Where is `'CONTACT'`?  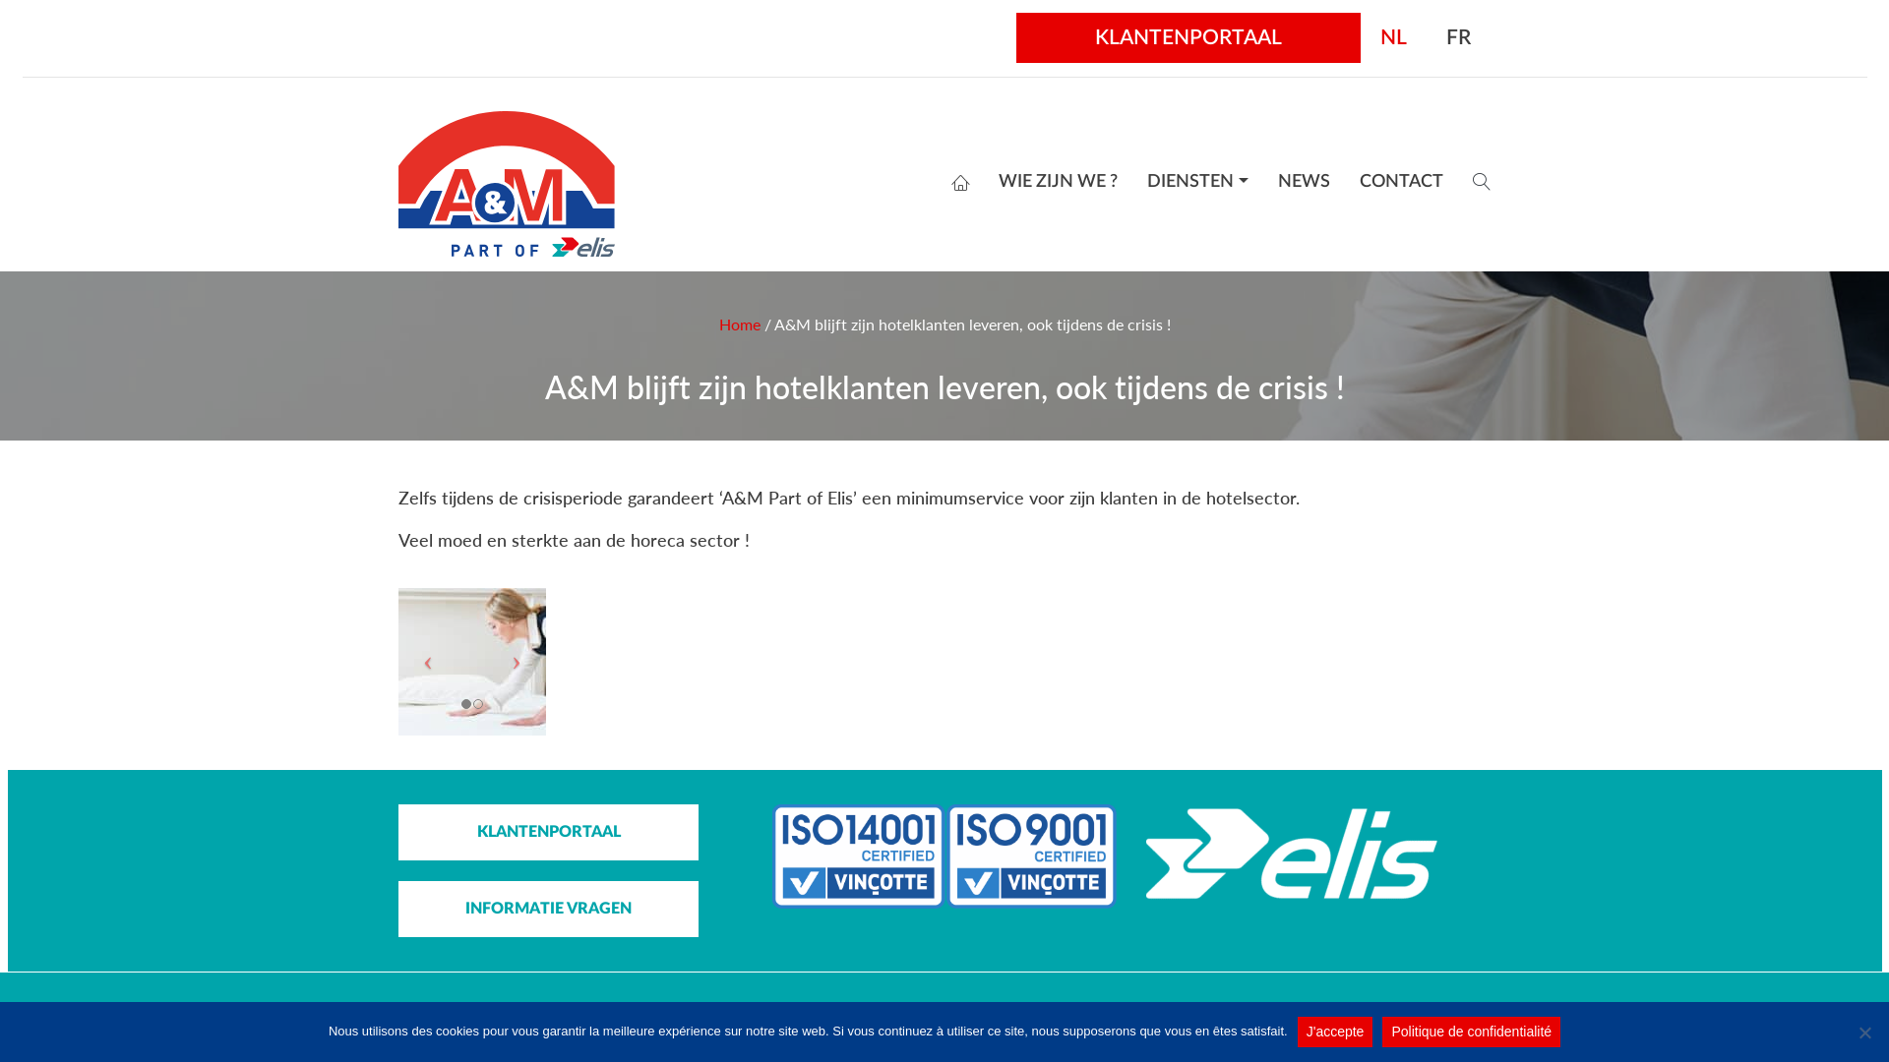 'CONTACT' is located at coordinates (1400, 182).